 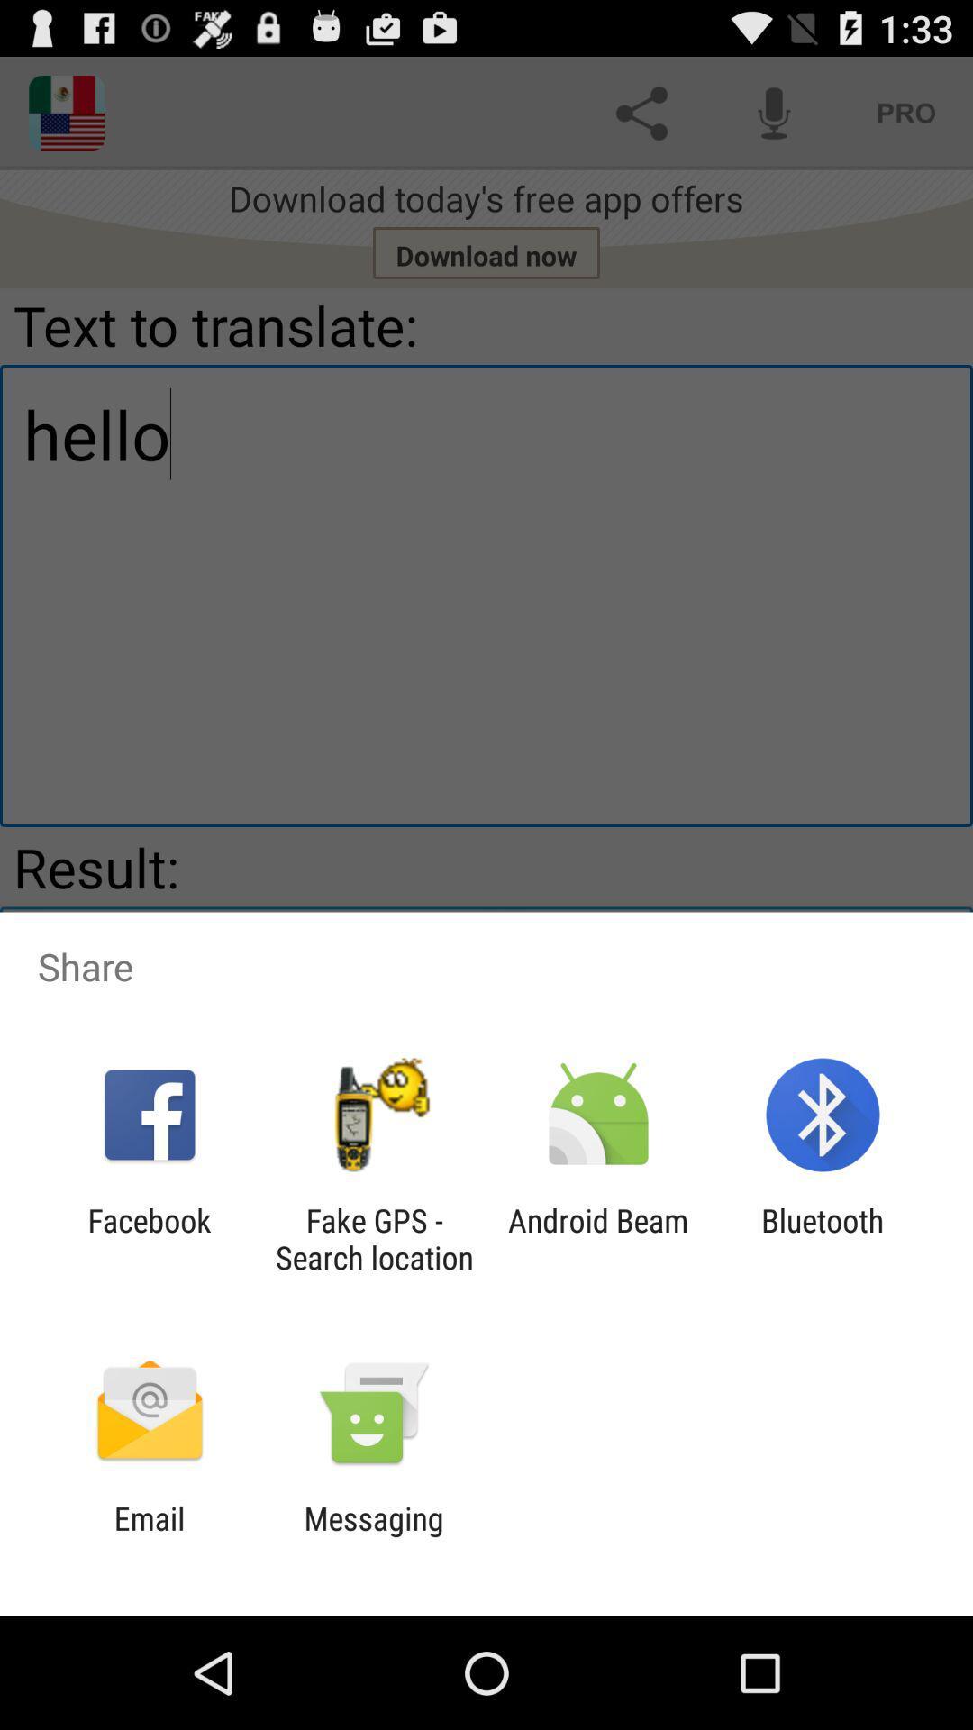 I want to click on the email item, so click(x=149, y=1536).